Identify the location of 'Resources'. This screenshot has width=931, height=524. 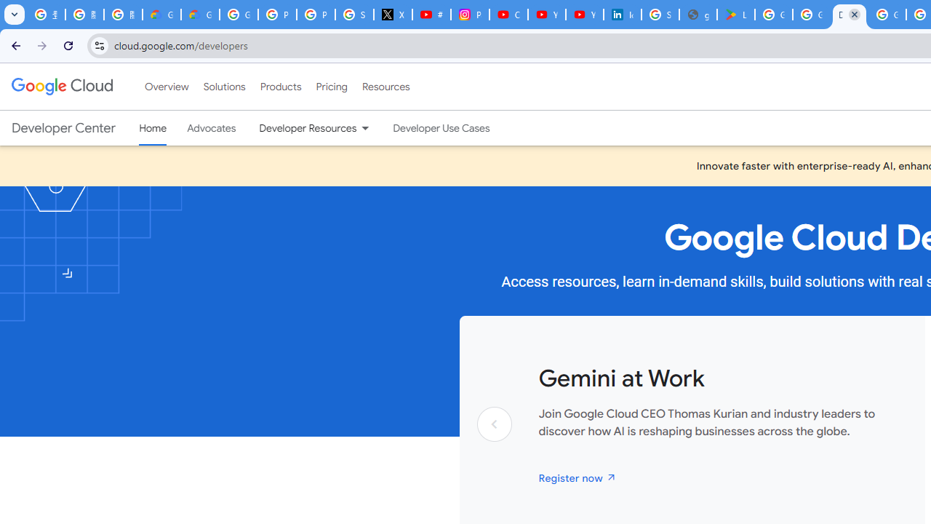
(385, 87).